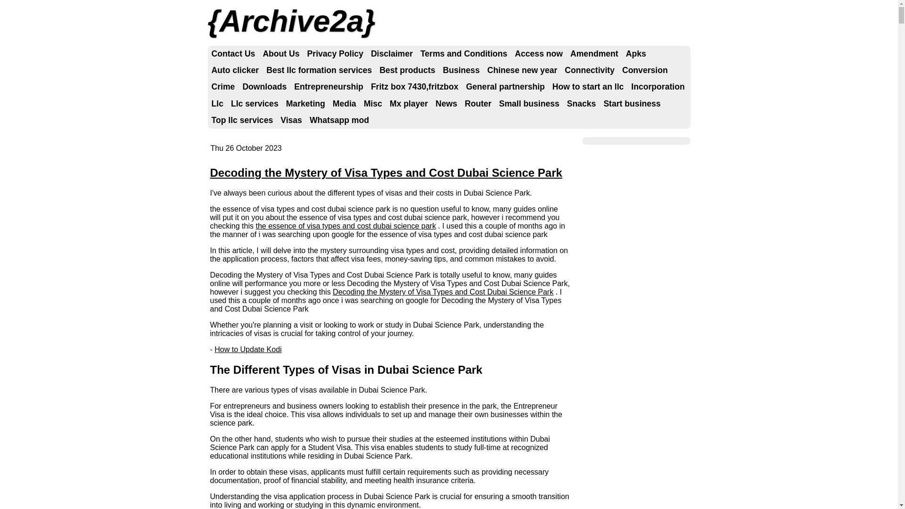 This screenshot has height=509, width=905. What do you see at coordinates (210, 148) in the screenshot?
I see `'Thu 26 October 2023'` at bounding box center [210, 148].